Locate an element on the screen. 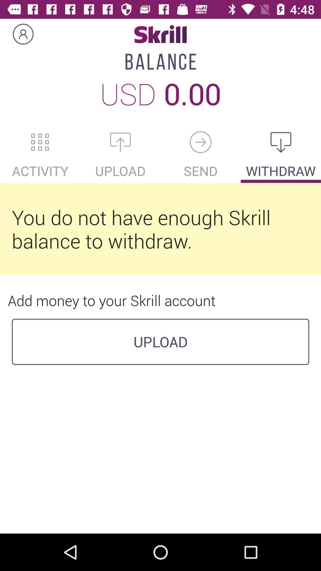 The width and height of the screenshot is (321, 571). send option is located at coordinates (201, 142).